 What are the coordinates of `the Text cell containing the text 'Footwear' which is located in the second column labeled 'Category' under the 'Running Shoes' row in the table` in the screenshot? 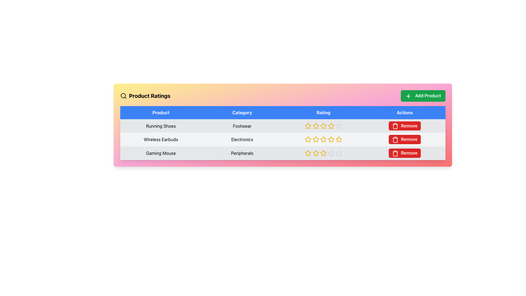 It's located at (242, 126).